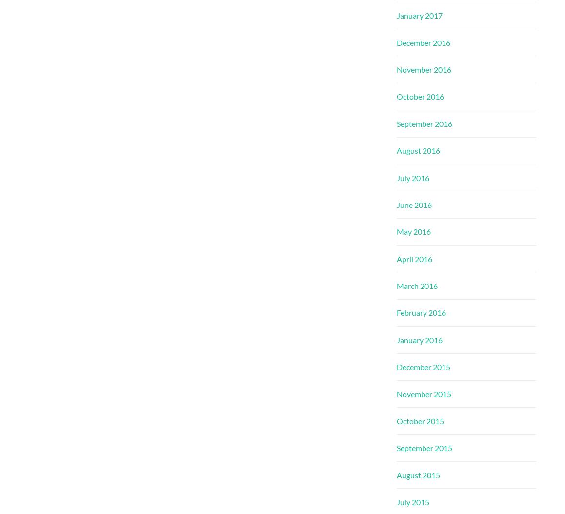  Describe the element at coordinates (423, 41) in the screenshot. I see `'December 2016'` at that location.